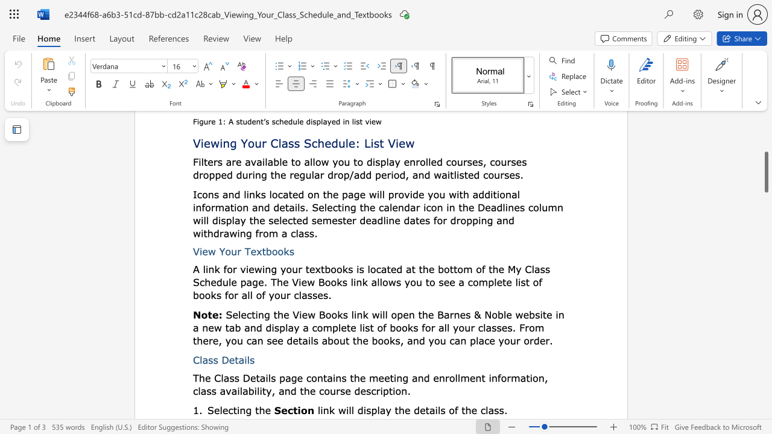 The width and height of the screenshot is (772, 434). What do you see at coordinates (765, 172) in the screenshot?
I see `the scrollbar and move down 2030 pixels` at bounding box center [765, 172].